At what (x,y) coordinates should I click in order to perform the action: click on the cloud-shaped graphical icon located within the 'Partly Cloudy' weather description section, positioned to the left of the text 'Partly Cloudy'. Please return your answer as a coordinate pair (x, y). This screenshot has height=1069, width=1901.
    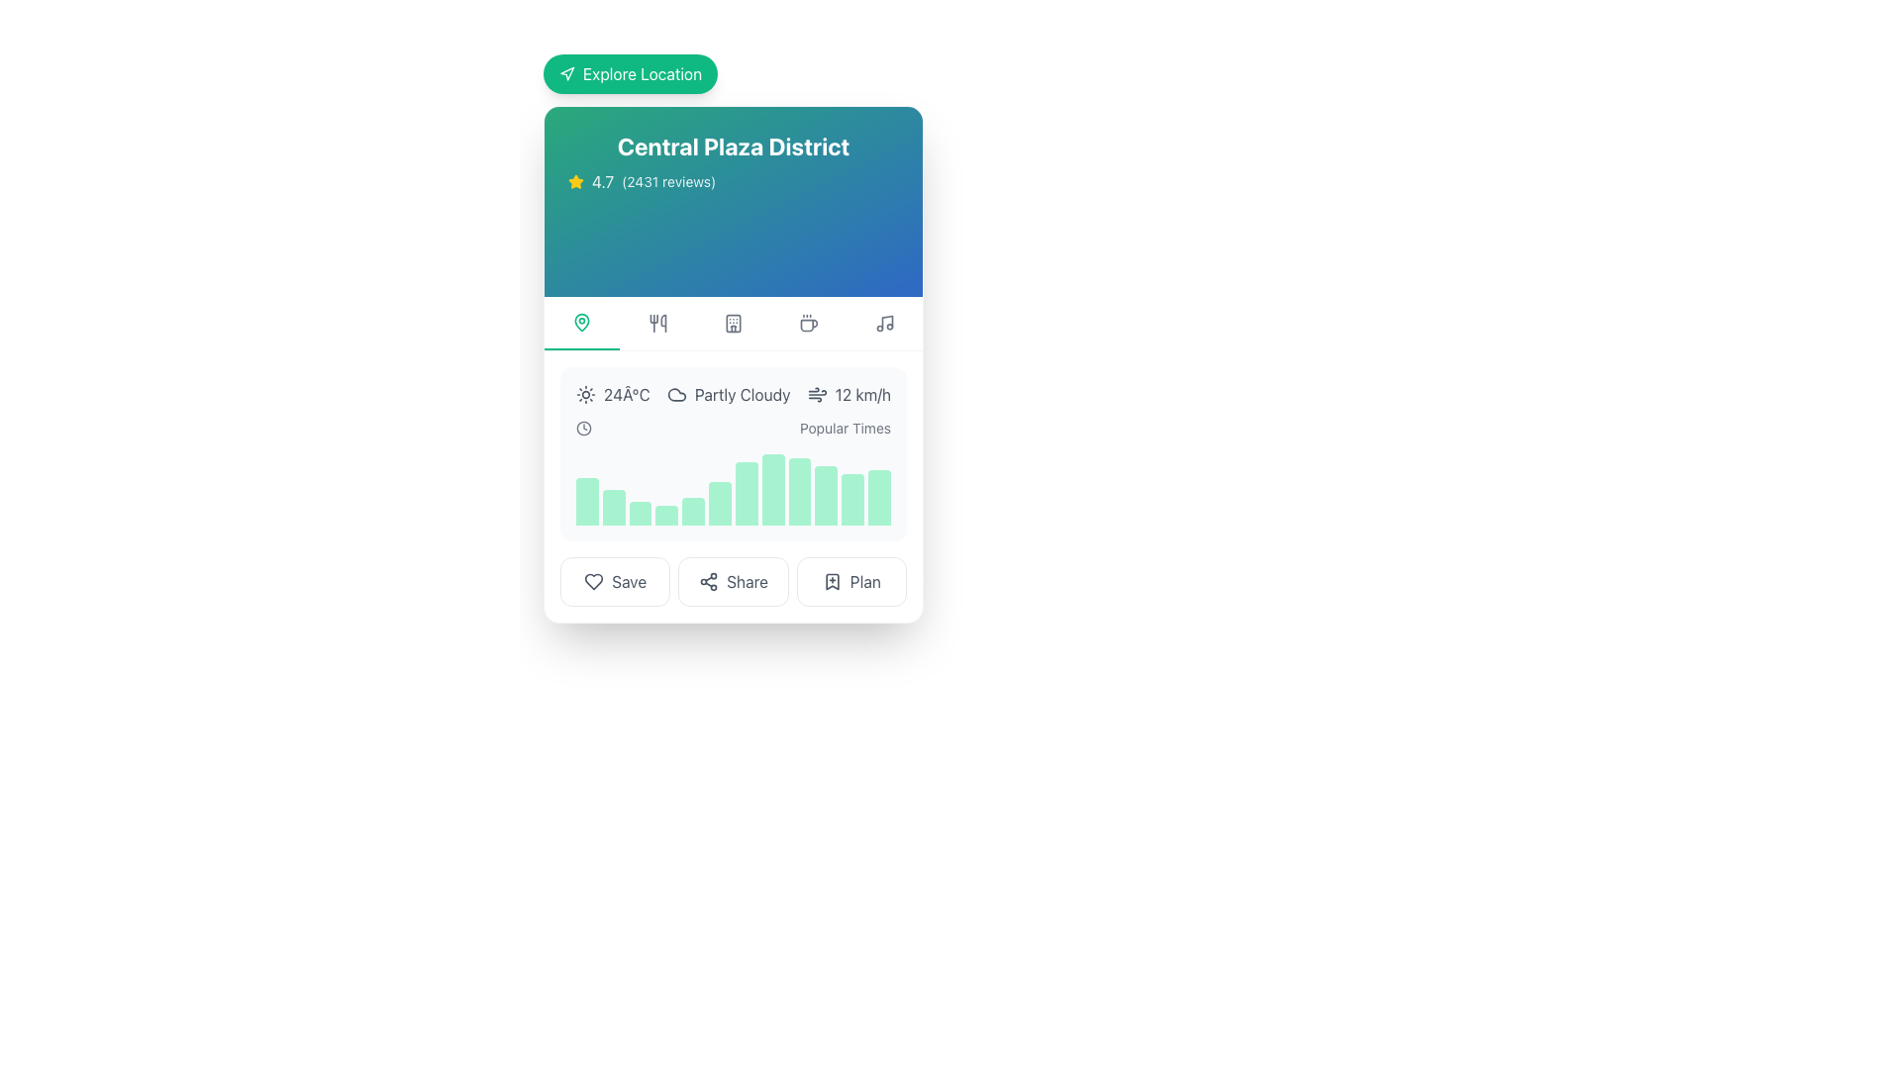
    Looking at the image, I should click on (676, 394).